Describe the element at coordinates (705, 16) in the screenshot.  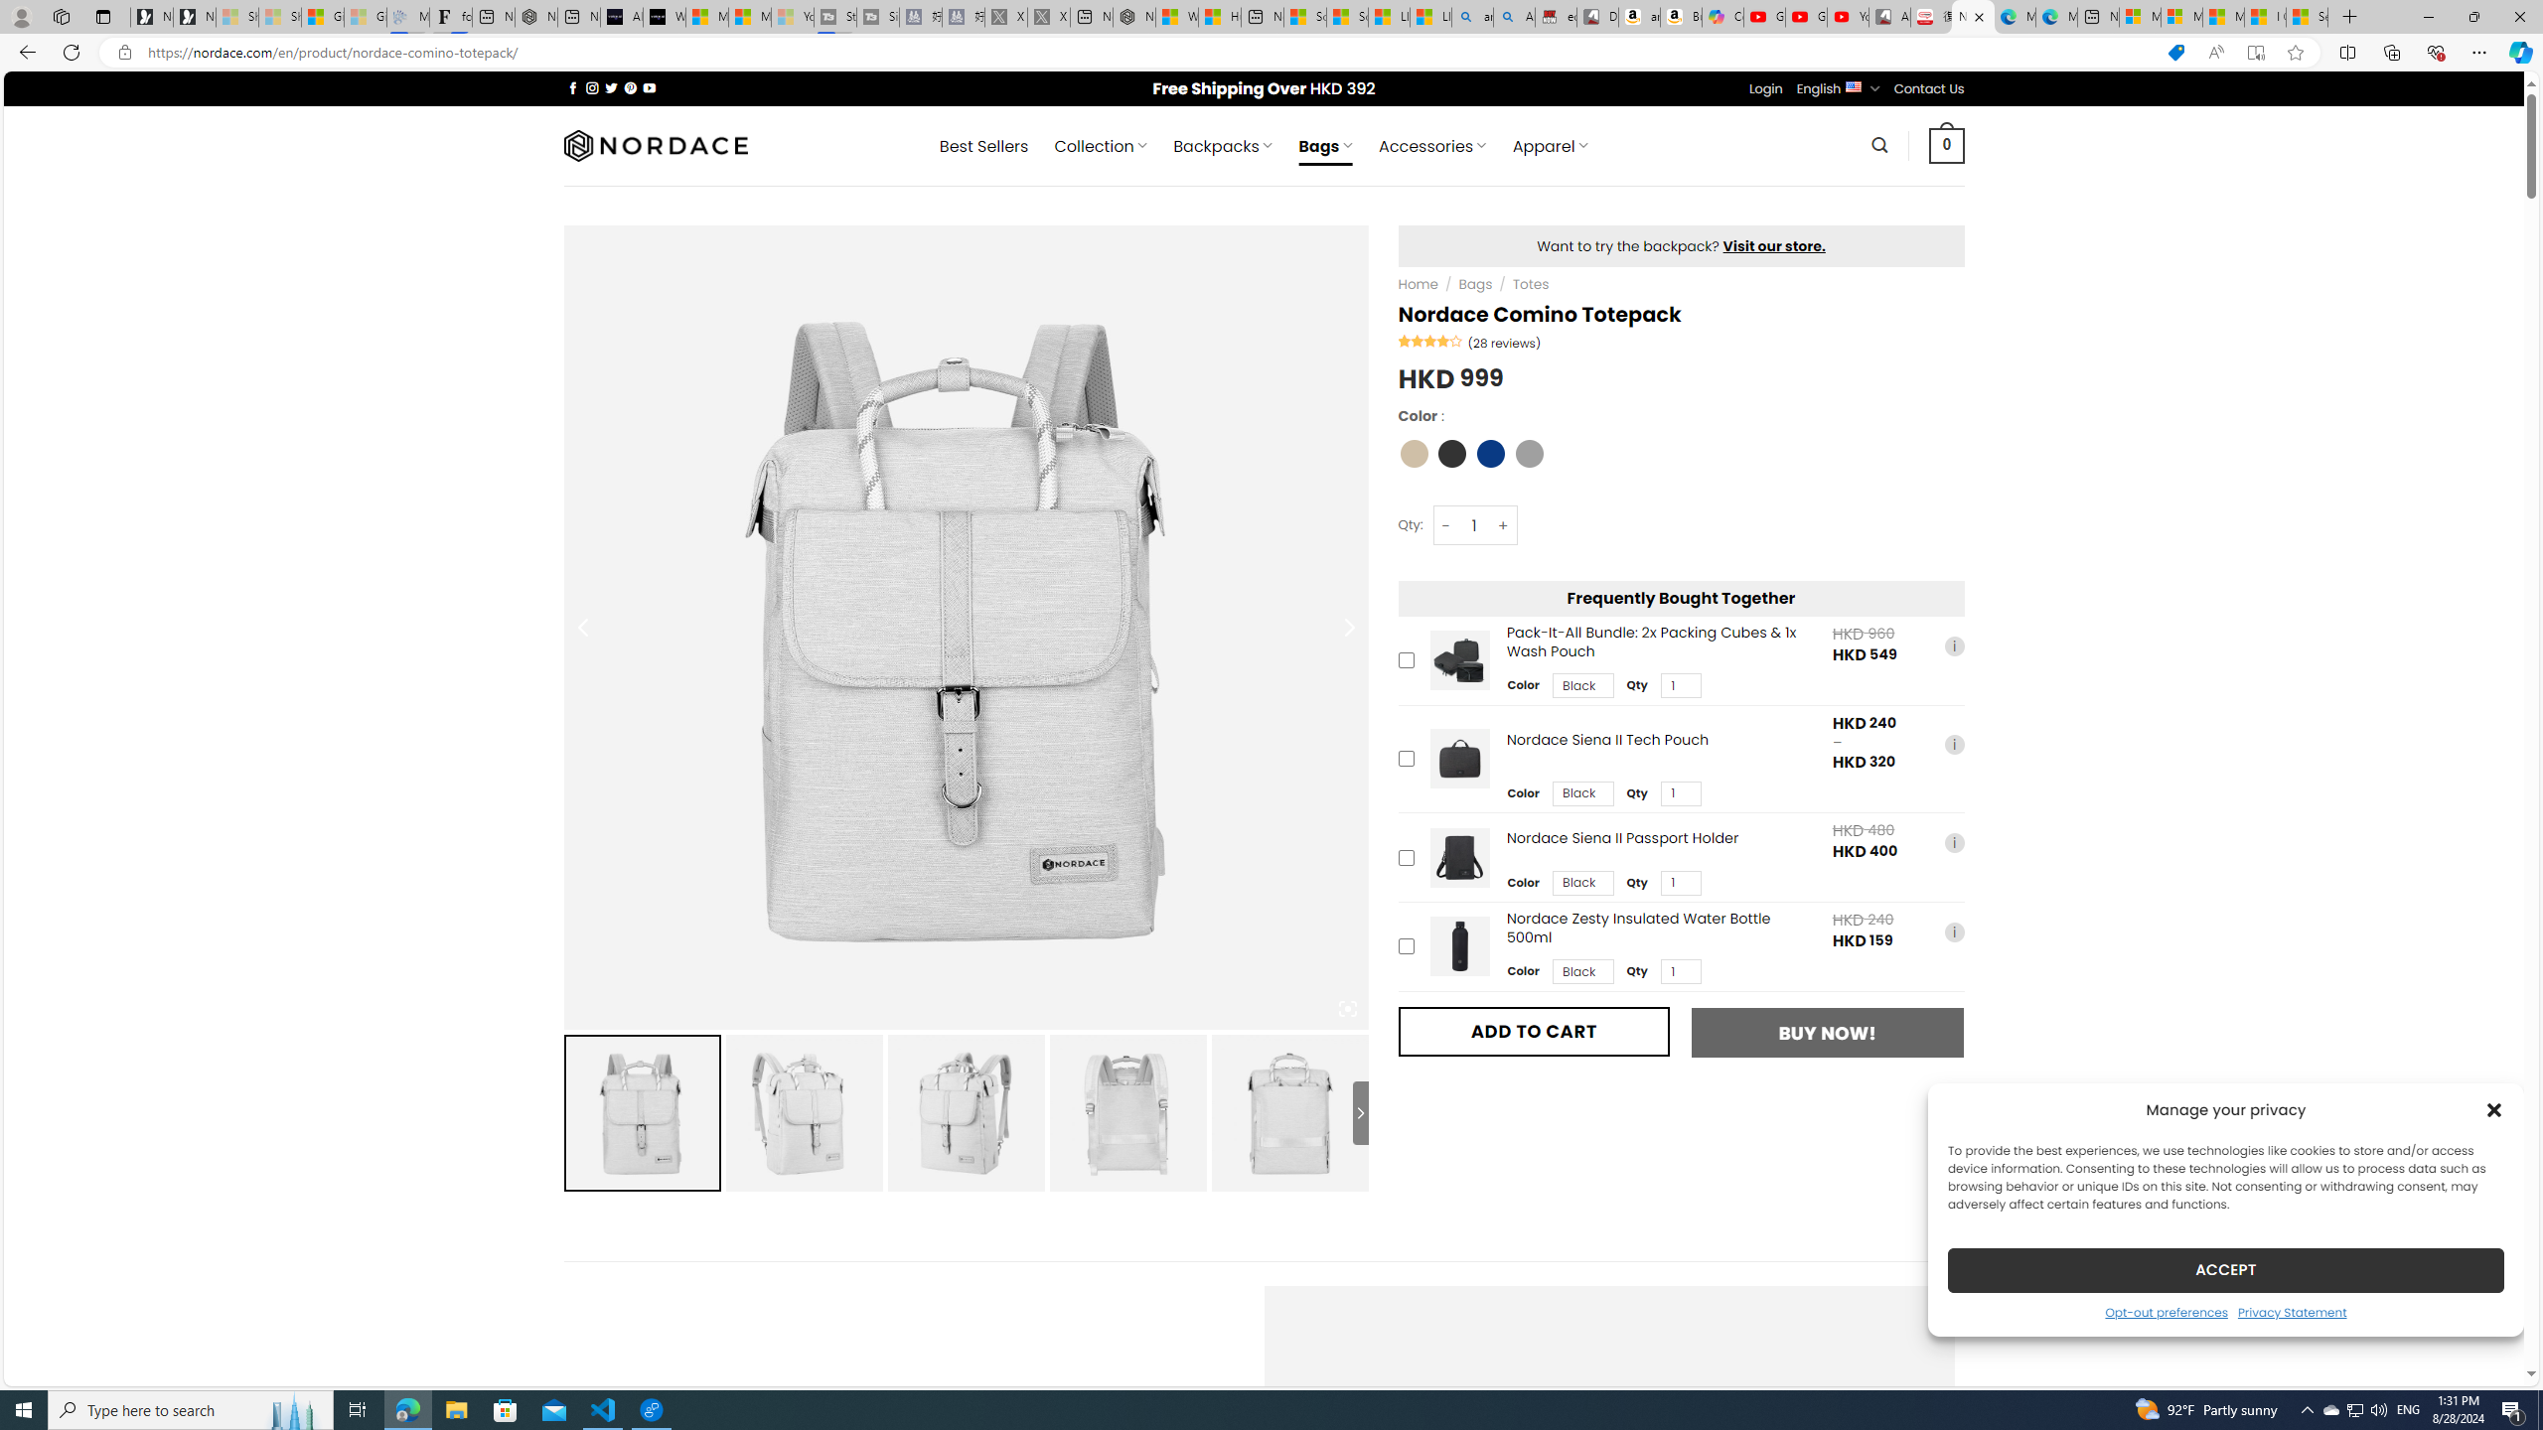
I see `'Microsoft Start Sports'` at that location.